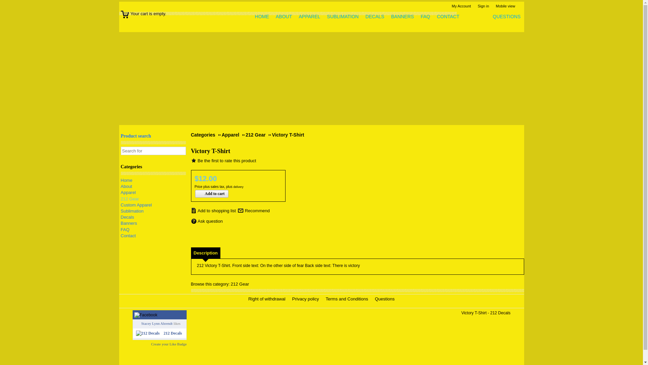 The width and height of the screenshot is (648, 365). I want to click on 'Create your Like Badge', so click(151, 344).